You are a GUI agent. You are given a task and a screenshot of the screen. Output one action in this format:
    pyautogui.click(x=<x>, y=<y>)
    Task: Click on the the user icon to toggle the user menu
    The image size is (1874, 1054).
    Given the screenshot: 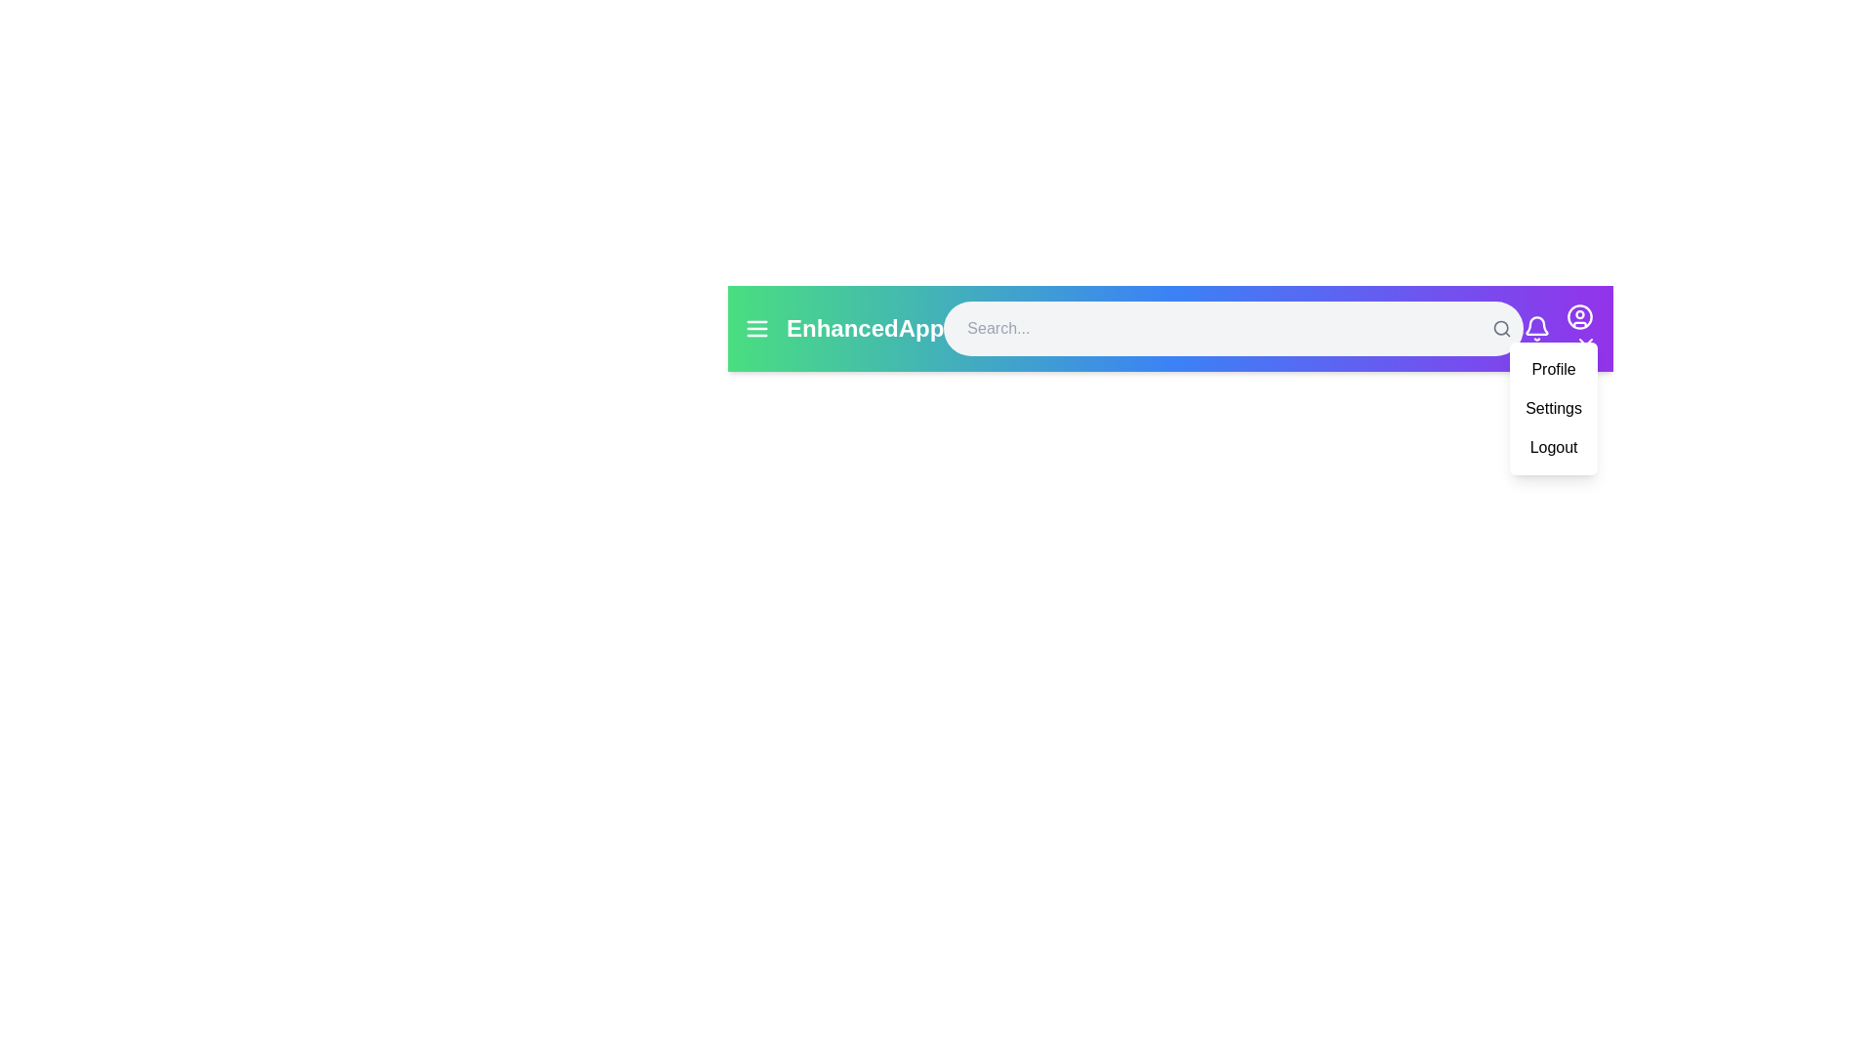 What is the action you would take?
    pyautogui.click(x=1579, y=315)
    